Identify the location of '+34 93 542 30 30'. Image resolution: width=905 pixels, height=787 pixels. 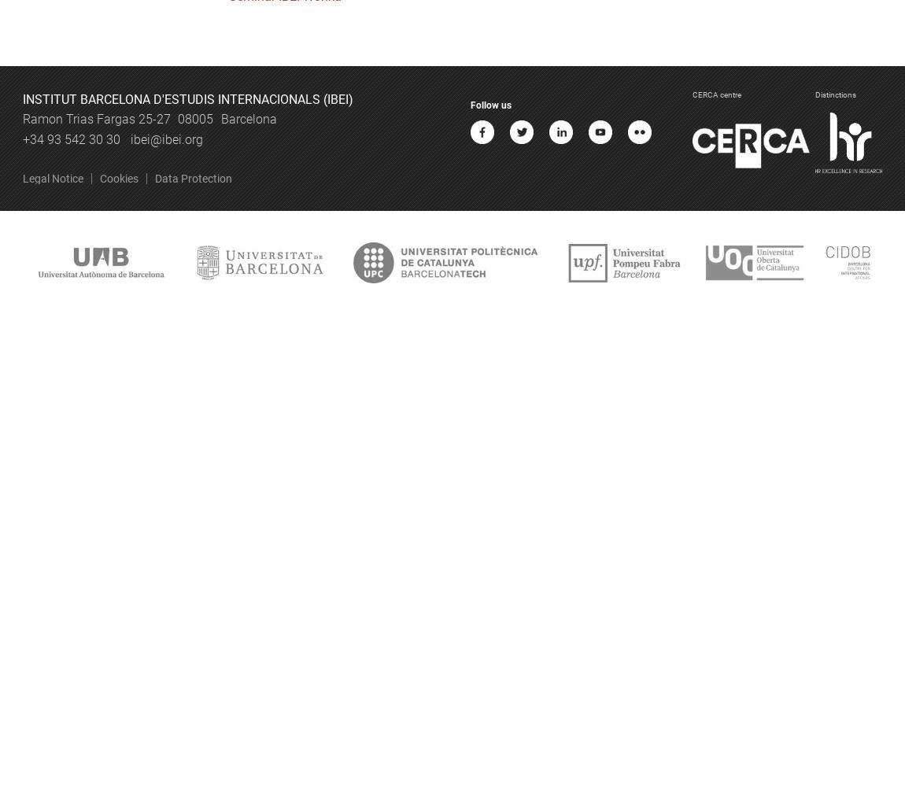
(72, 139).